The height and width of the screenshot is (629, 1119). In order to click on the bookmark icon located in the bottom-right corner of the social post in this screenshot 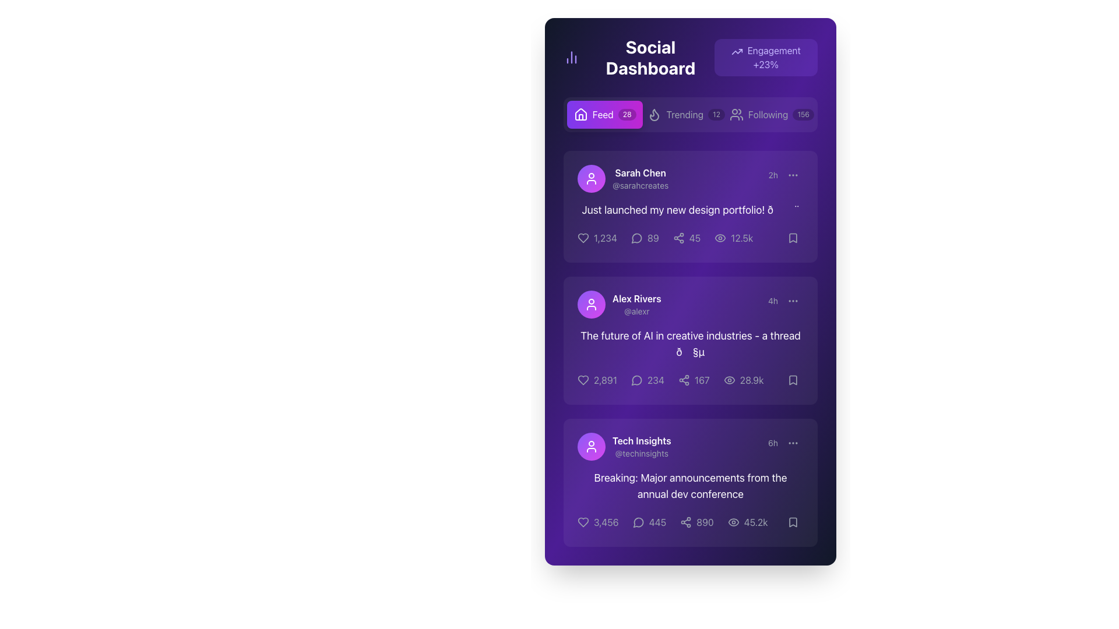, I will do `click(793, 237)`.